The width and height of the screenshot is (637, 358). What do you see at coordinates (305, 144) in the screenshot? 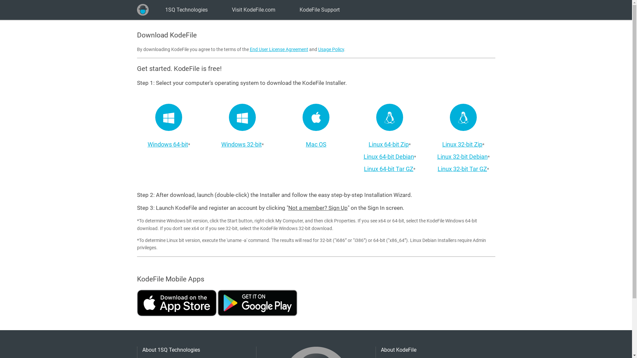
I see `'Mac OS'` at bounding box center [305, 144].